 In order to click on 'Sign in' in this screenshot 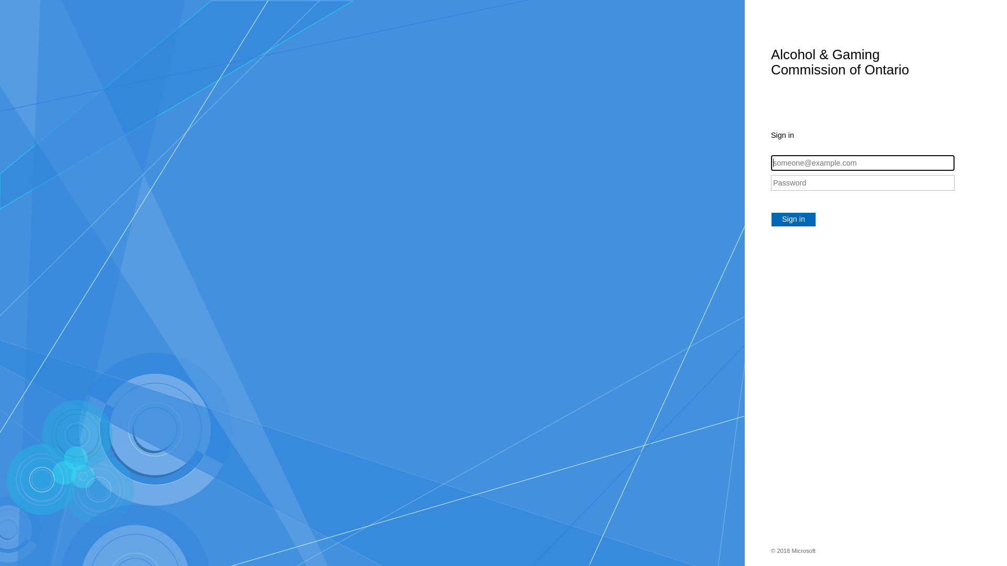, I will do `click(793, 219)`.